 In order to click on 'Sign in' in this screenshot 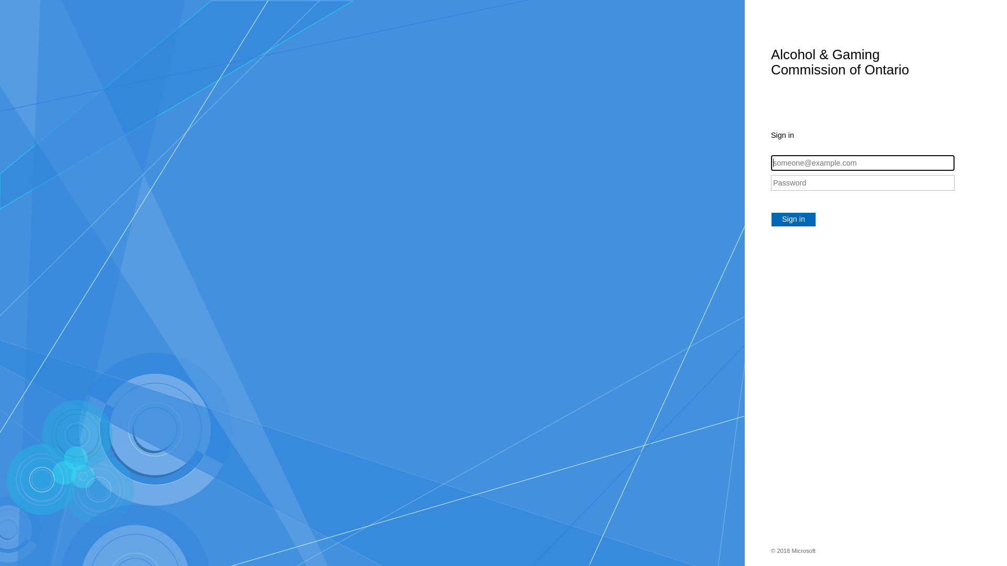, I will do `click(793, 219)`.